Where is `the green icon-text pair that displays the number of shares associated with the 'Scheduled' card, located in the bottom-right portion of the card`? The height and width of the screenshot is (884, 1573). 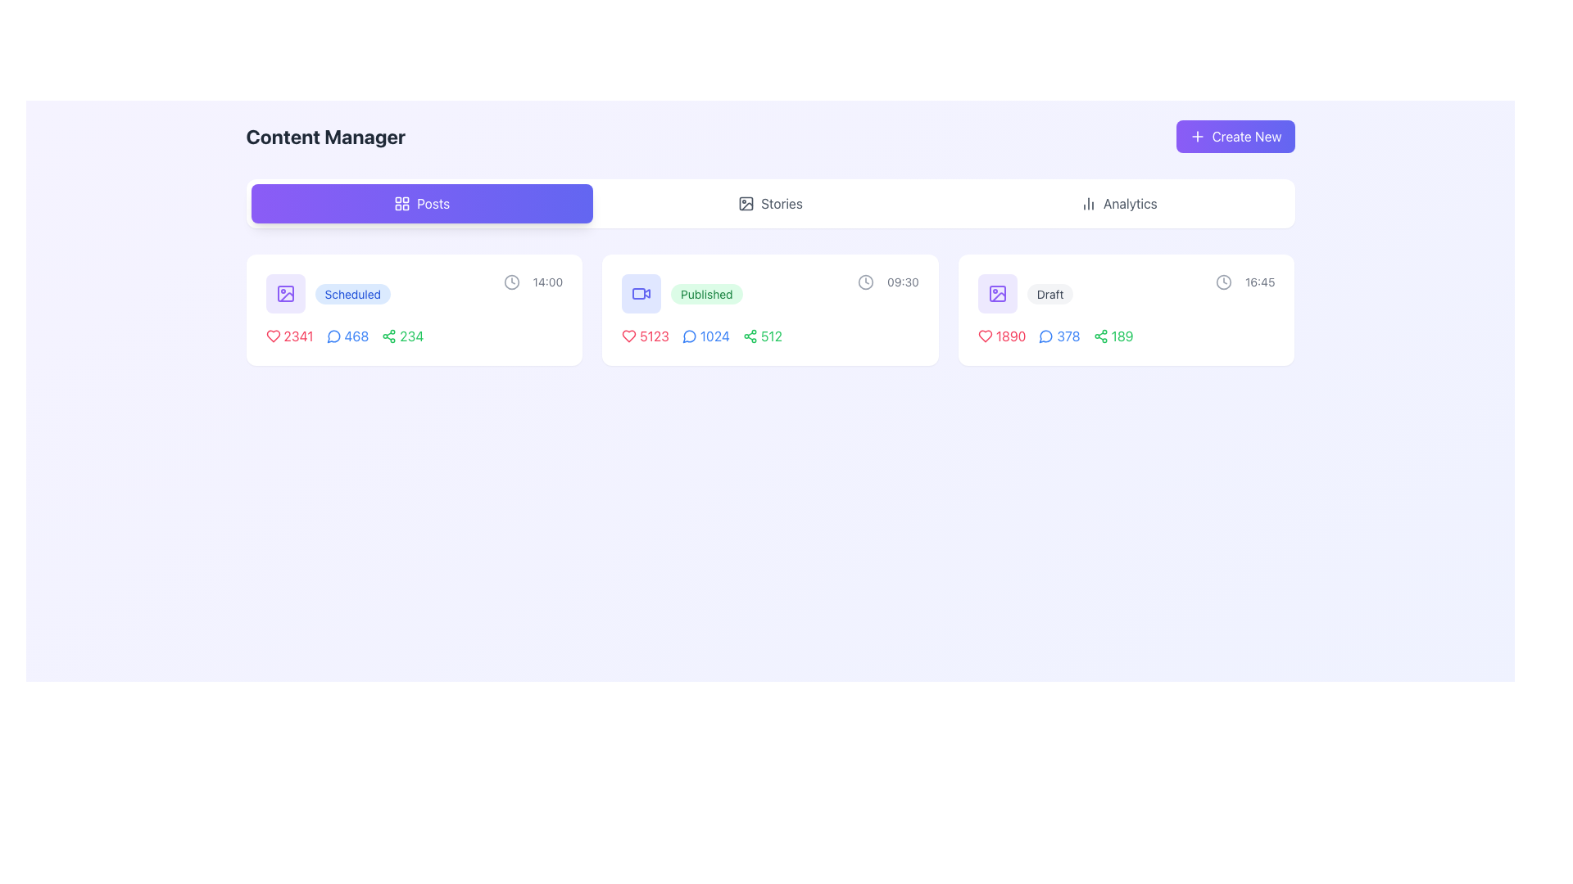
the green icon-text pair that displays the number of shares associated with the 'Scheduled' card, located in the bottom-right portion of the card is located at coordinates (402, 336).